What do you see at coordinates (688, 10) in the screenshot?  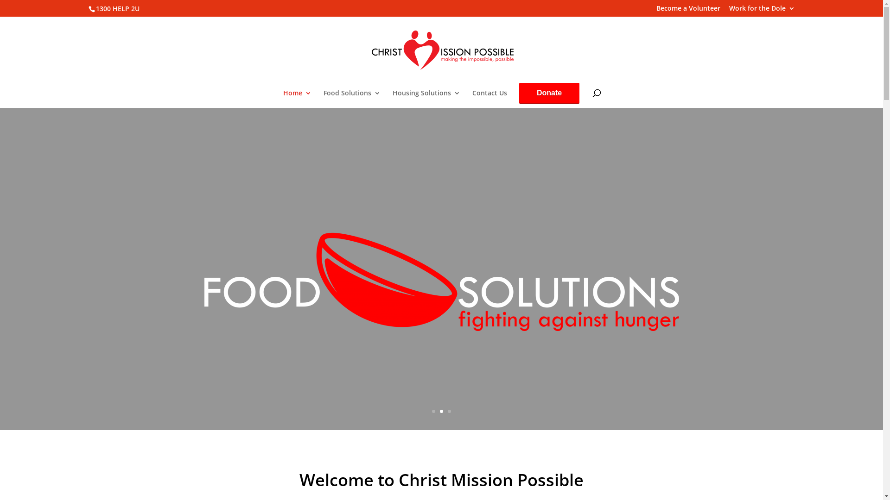 I see `'Become a Volunteer'` at bounding box center [688, 10].